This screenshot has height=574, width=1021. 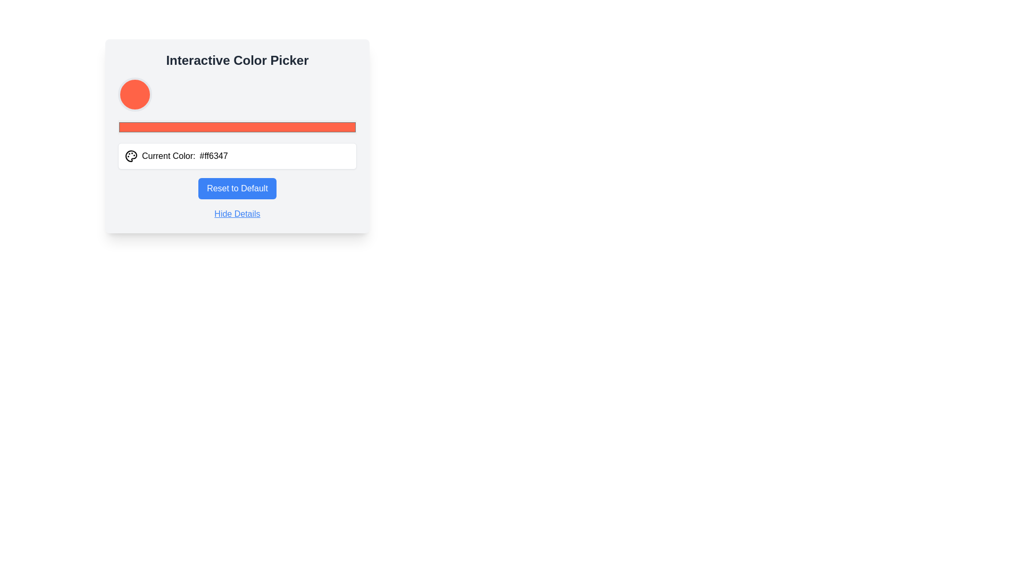 What do you see at coordinates (168, 156) in the screenshot?
I see `the label that describes the adjacent color code '#ff6347', located in the central lower section of the interface, following an icon resembling a palette` at bounding box center [168, 156].